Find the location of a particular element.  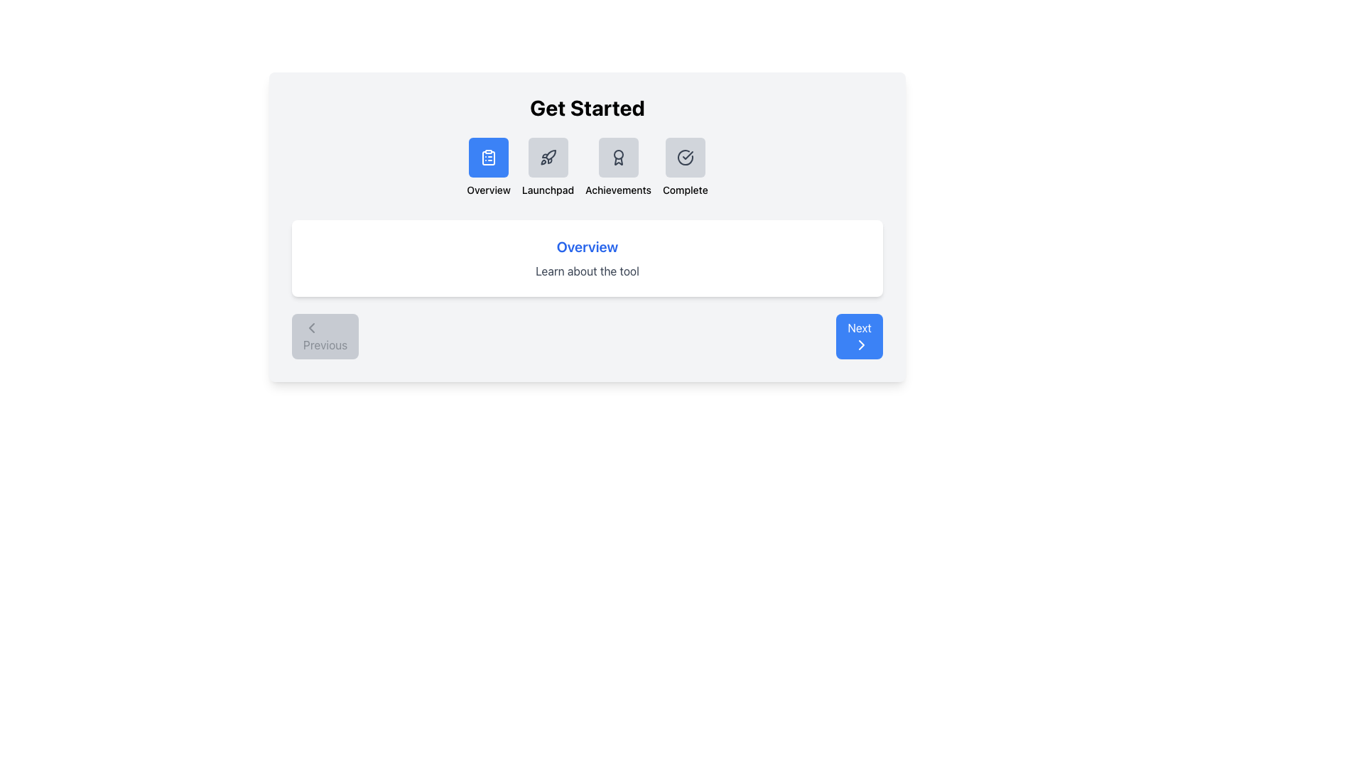

the navigation card labeled 'Achievements', which features an award badge icon and is the third option in a horizontal navigation set is located at coordinates (618, 166).